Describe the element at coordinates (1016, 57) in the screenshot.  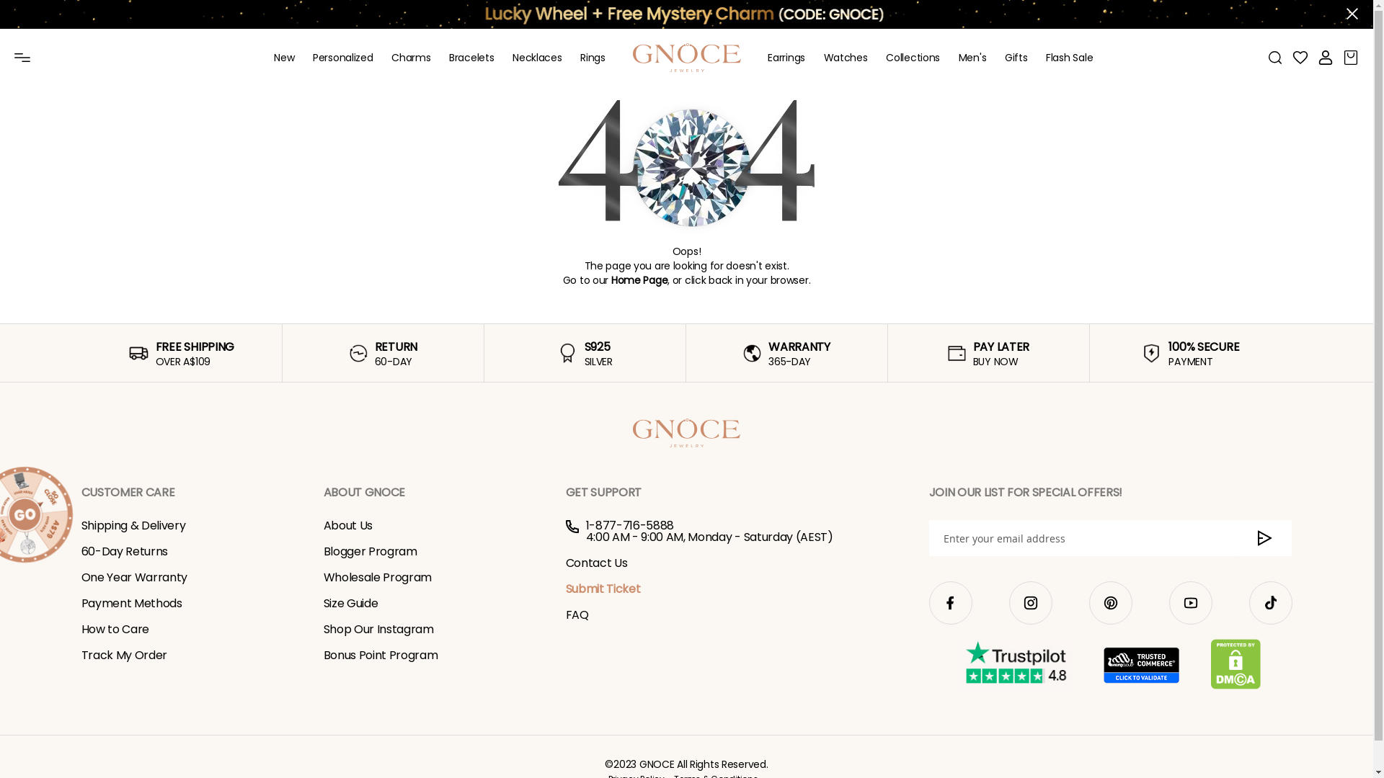
I see `'Gifts'` at that location.